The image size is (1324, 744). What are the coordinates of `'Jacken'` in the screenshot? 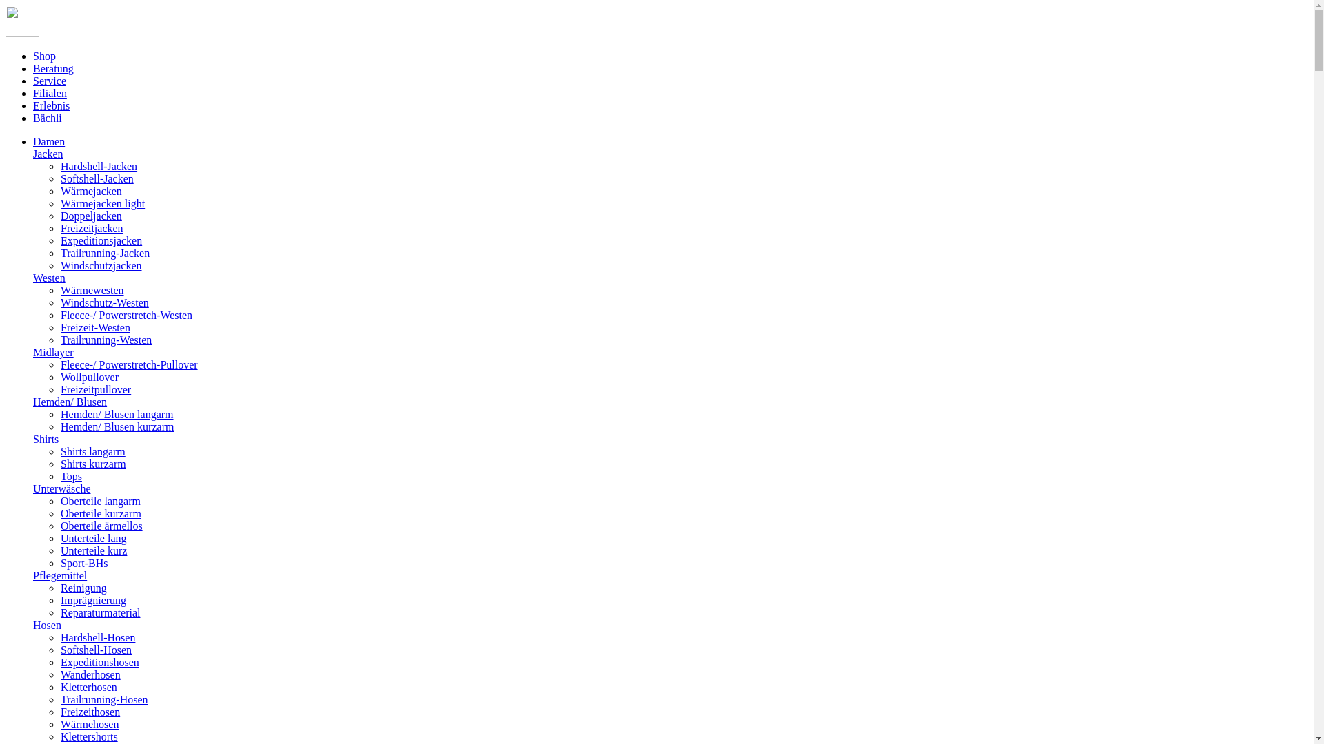 It's located at (48, 154).